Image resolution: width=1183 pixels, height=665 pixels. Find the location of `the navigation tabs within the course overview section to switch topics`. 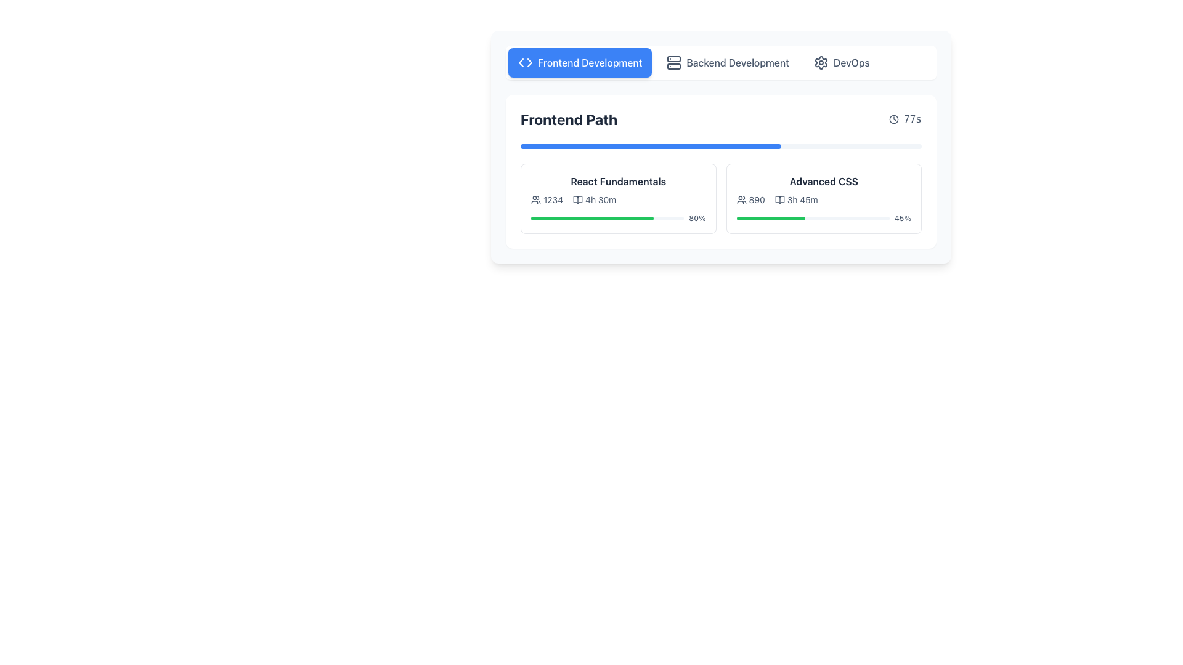

the navigation tabs within the course overview section to switch topics is located at coordinates (721, 147).